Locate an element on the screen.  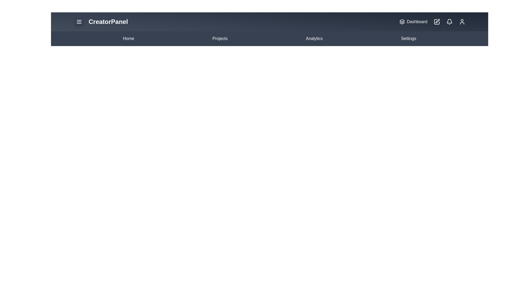
the 'Projects' link in the navigation bar is located at coordinates (220, 38).